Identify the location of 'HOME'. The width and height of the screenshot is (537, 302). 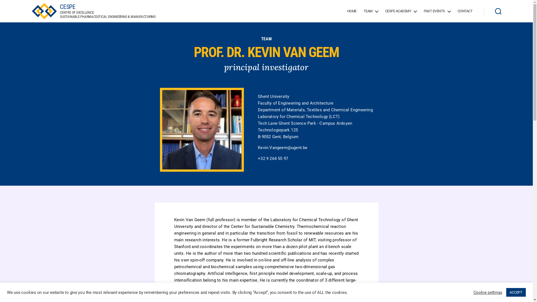
(351, 11).